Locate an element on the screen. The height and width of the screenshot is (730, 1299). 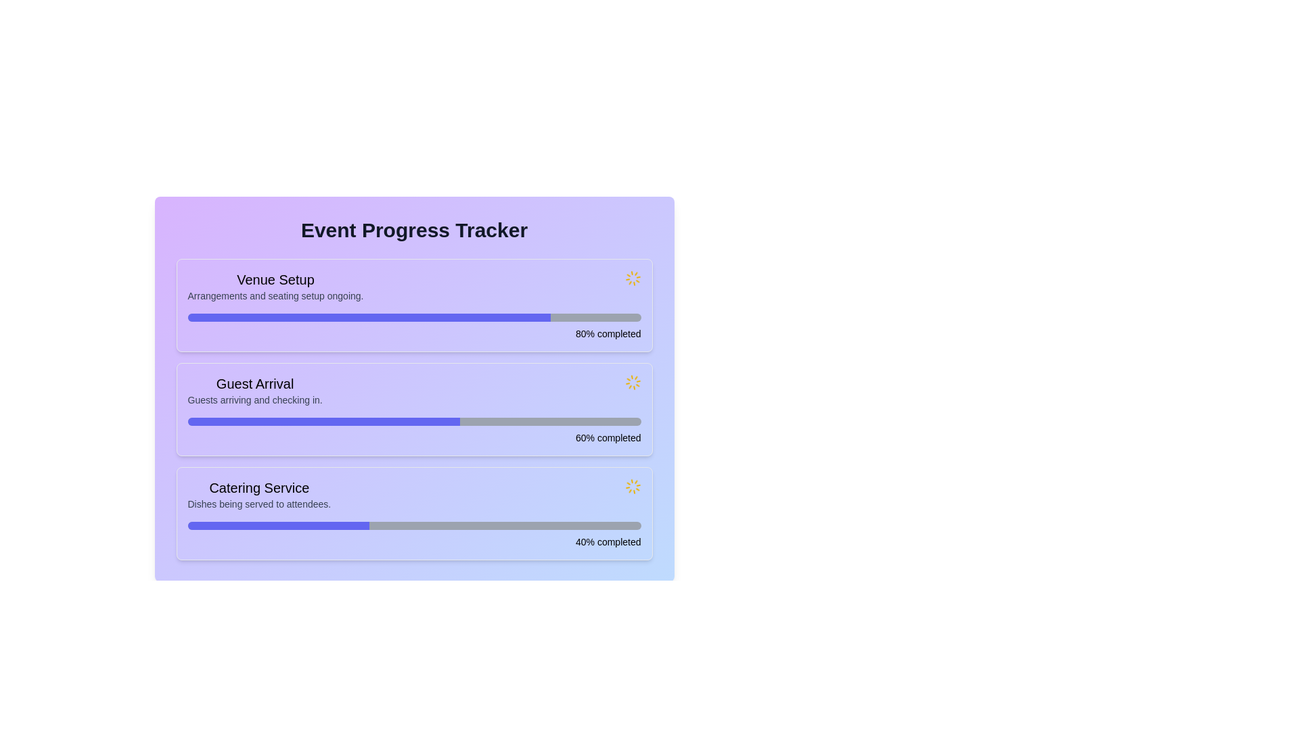
text content element that displays 'Dishes being served to attendees.' located within the progress tracker interface, positioned below 'Catering Service.' is located at coordinates (259, 504).